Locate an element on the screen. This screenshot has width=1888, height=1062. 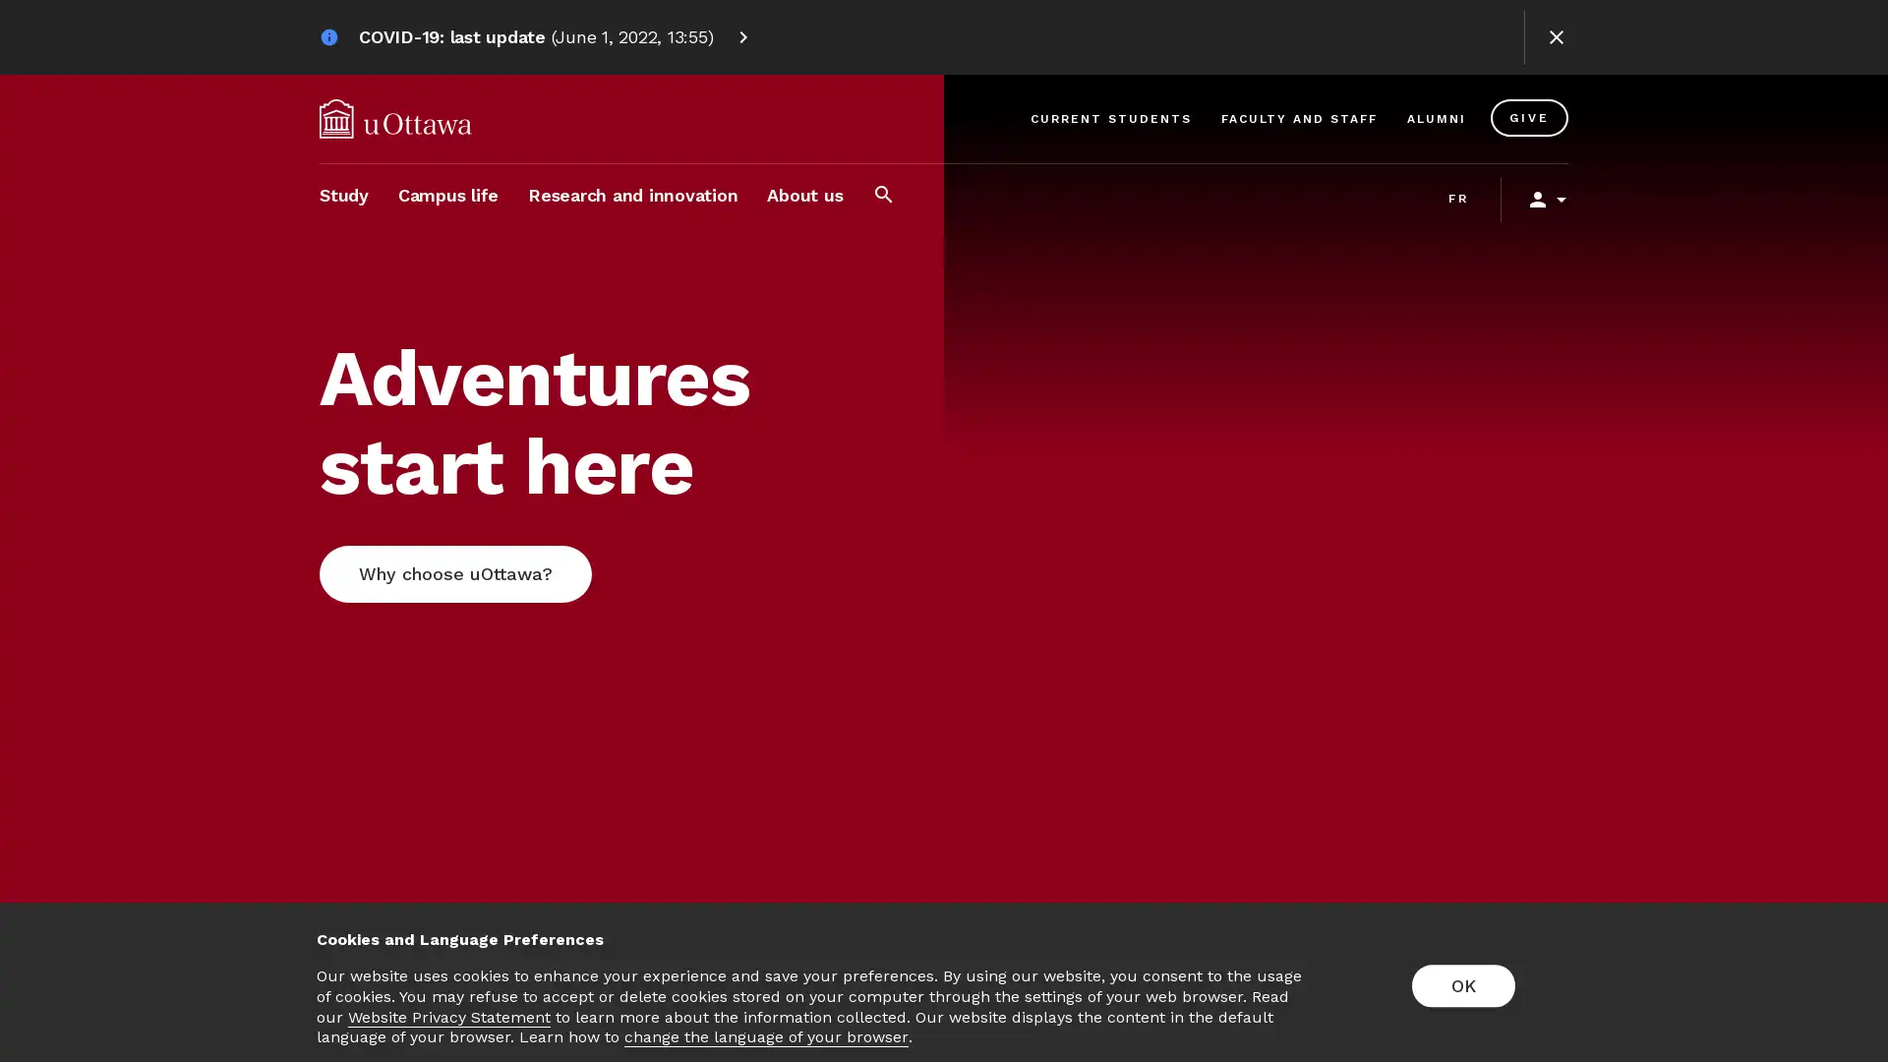
Pause is located at coordinates (1838, 981).